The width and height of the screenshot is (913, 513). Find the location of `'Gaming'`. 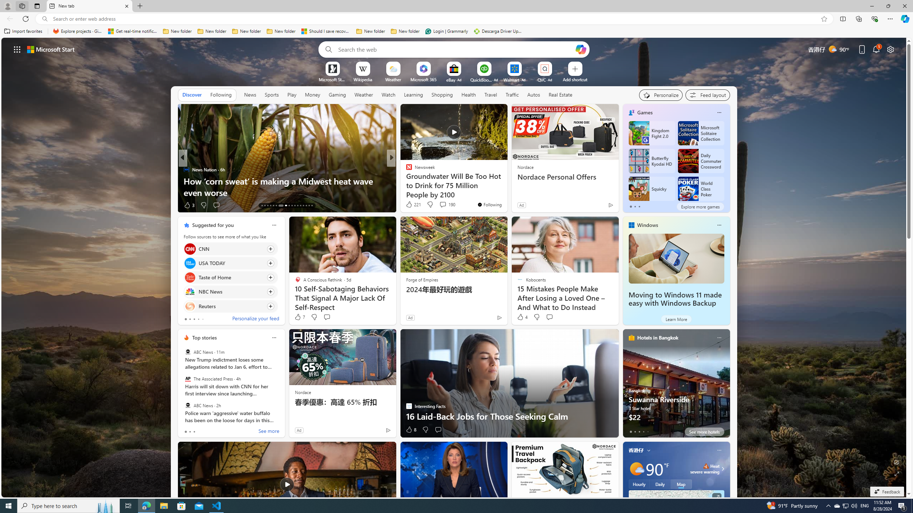

'Gaming' is located at coordinates (337, 94).